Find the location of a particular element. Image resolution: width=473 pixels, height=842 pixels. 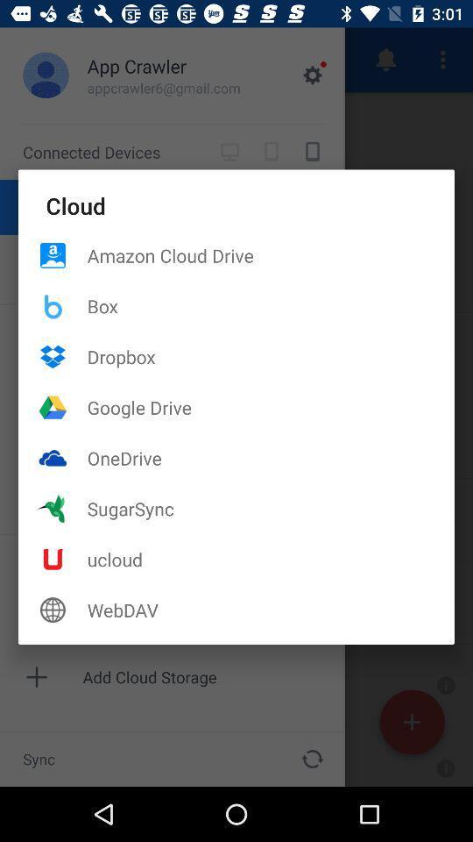

onedrive item is located at coordinates (271, 457).